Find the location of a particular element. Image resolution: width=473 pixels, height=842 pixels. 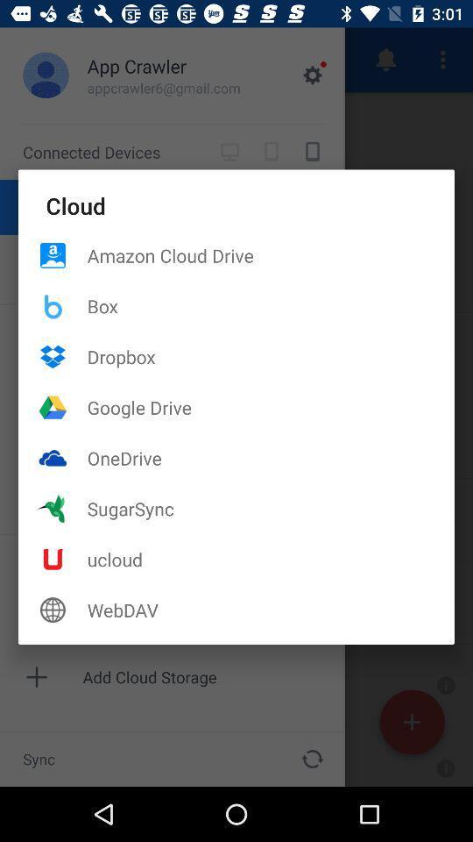

onedrive item is located at coordinates (271, 457).